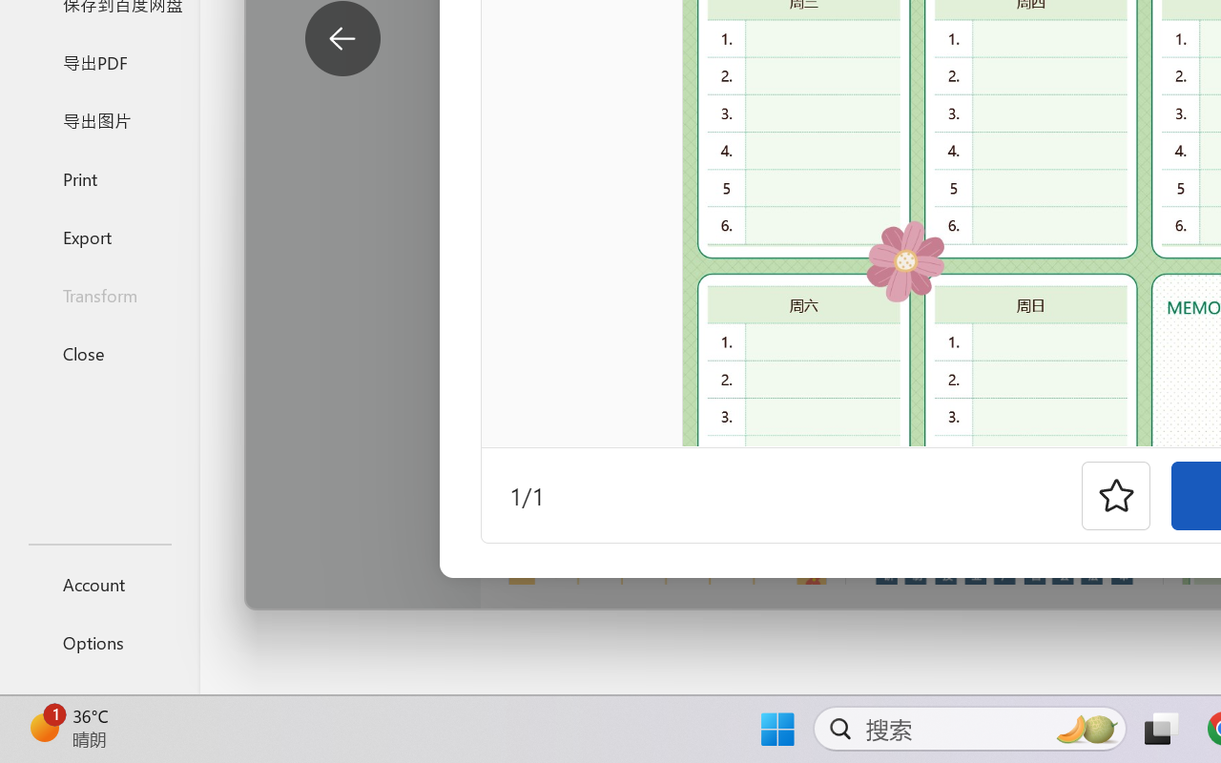 This screenshot has width=1221, height=763. I want to click on 'Options', so click(98, 642).